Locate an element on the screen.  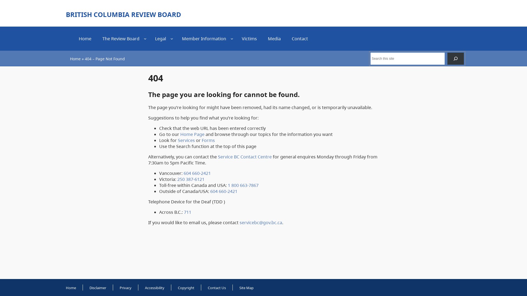
'Accessibility' is located at coordinates (154, 287).